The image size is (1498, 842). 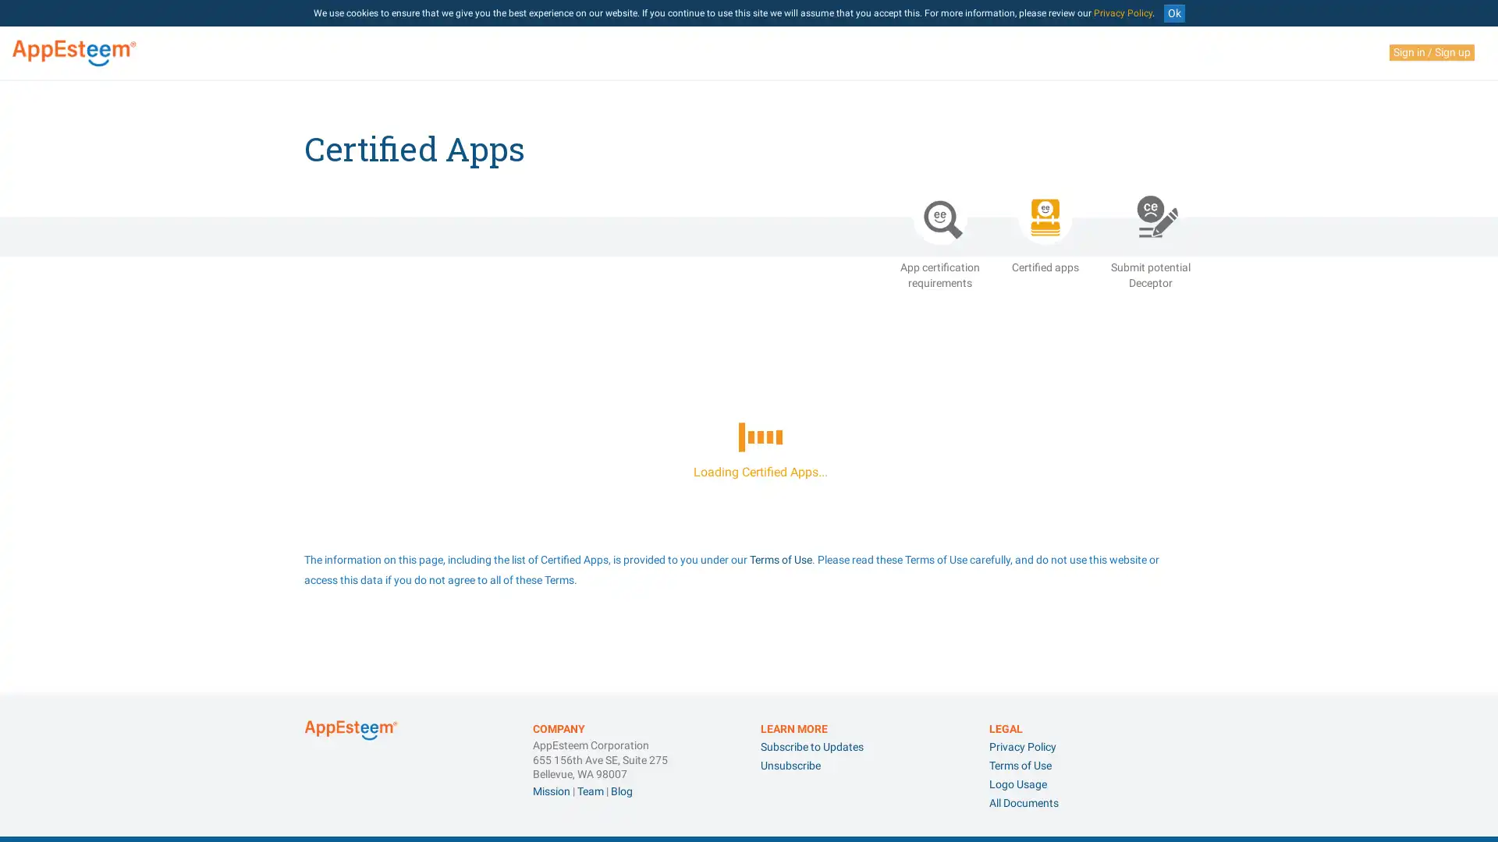 I want to click on Previous, so click(x=1105, y=778).